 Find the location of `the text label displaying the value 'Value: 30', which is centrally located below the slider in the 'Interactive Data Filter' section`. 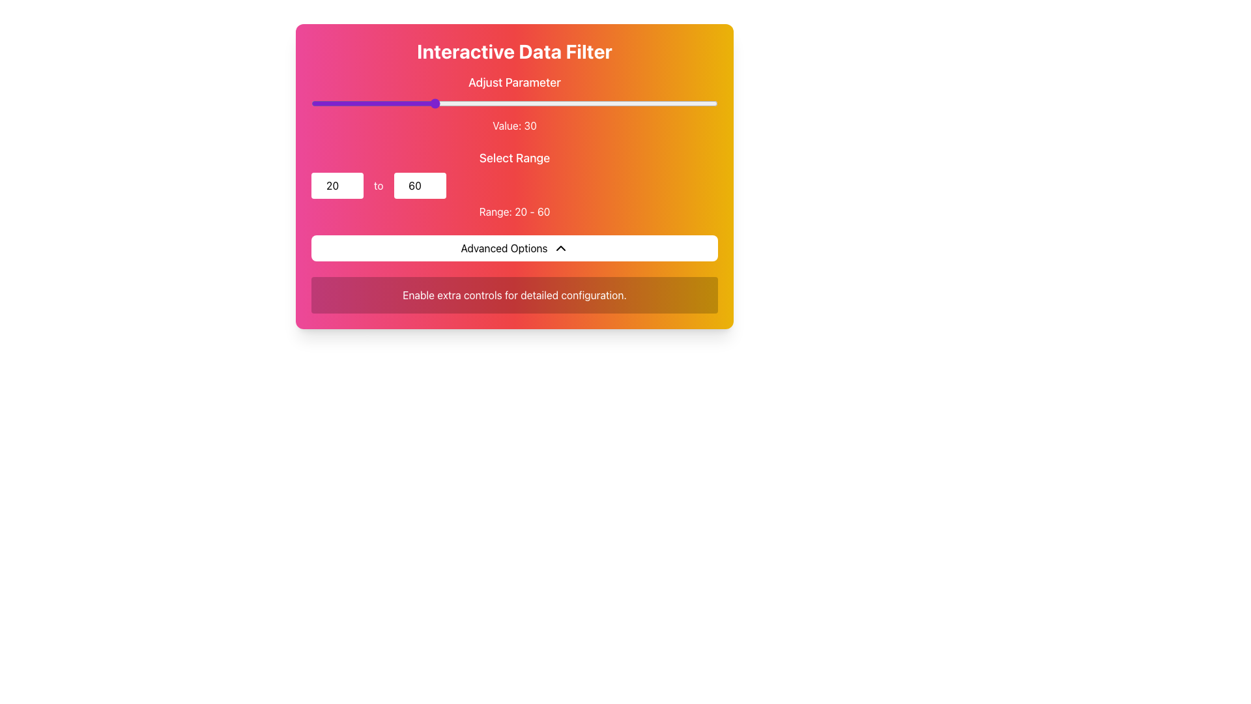

the text label displaying the value 'Value: 30', which is centrally located below the slider in the 'Interactive Data Filter' section is located at coordinates (514, 125).